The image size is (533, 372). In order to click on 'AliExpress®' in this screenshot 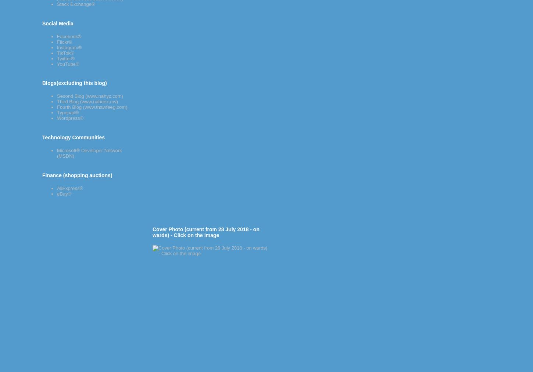, I will do `click(69, 187)`.